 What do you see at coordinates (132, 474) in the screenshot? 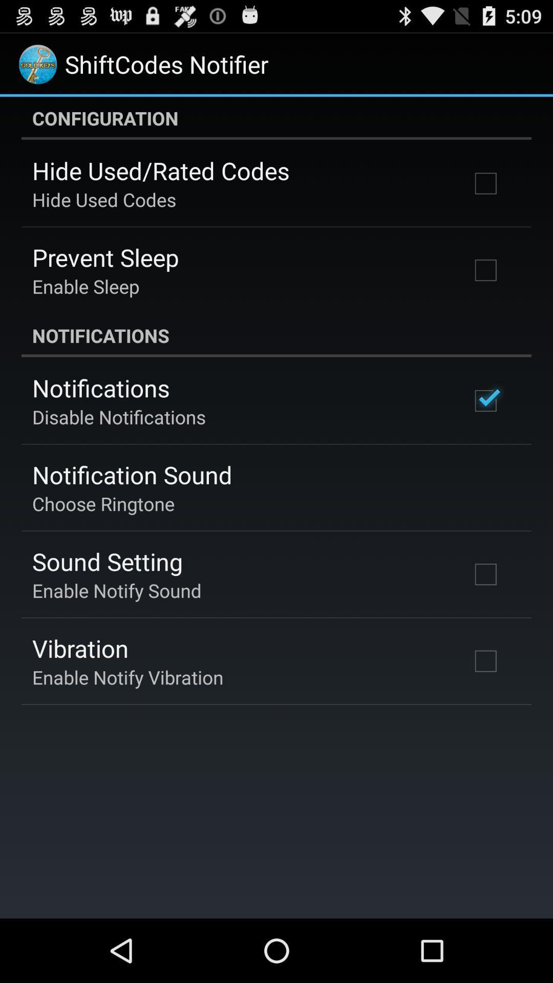
I see `the notification sound item` at bounding box center [132, 474].